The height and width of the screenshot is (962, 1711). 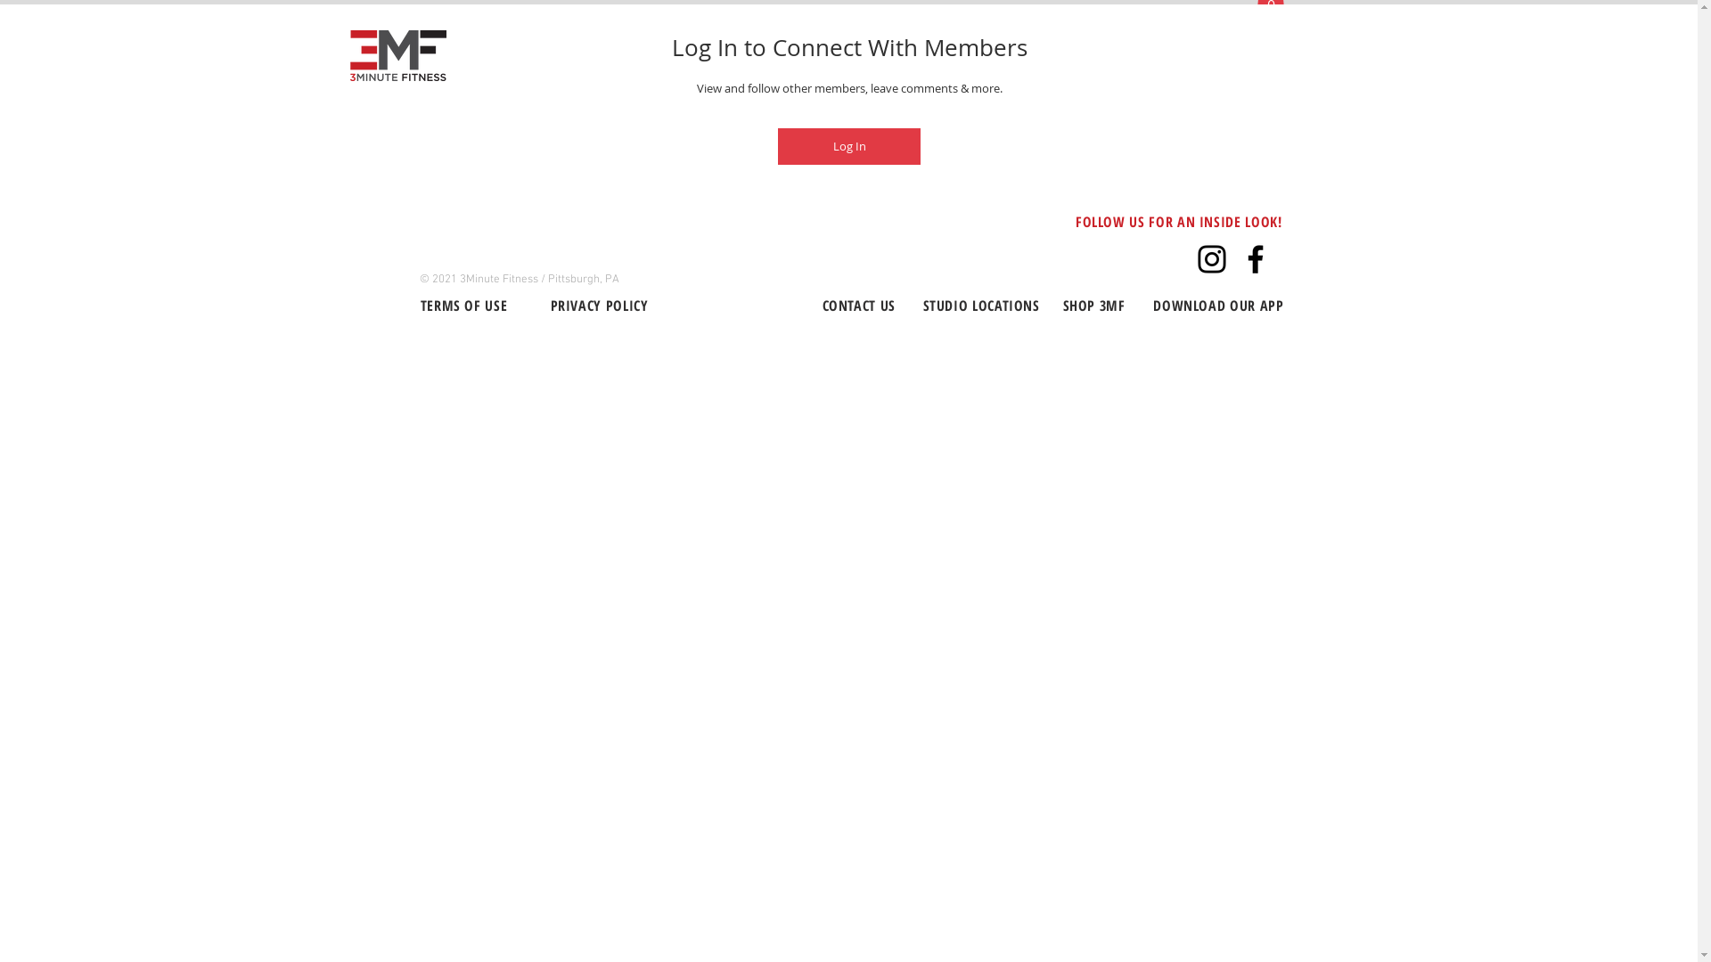 I want to click on 'TERMS OF USE', so click(x=464, y=305).